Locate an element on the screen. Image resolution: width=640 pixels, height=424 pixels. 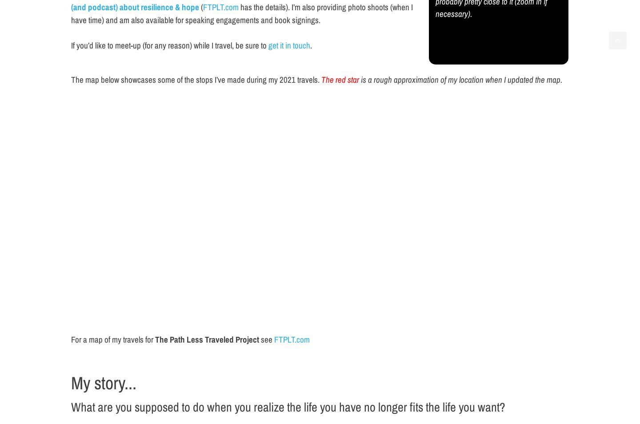
'My story...' is located at coordinates (104, 383).